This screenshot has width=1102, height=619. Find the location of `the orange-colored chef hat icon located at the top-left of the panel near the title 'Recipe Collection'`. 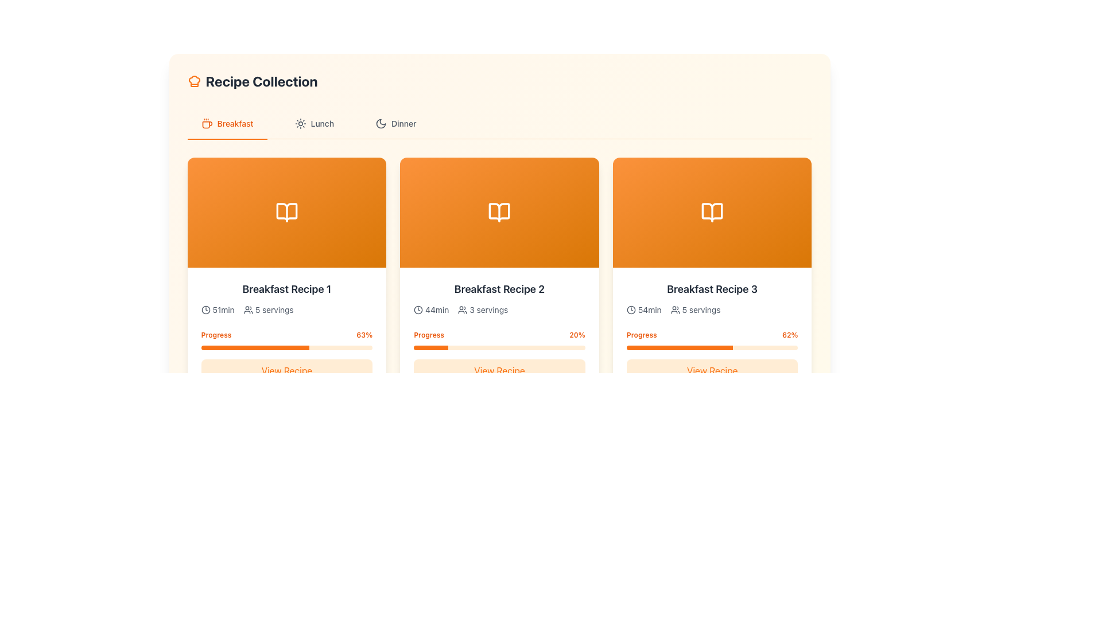

the orange-colored chef hat icon located at the top-left of the panel near the title 'Recipe Collection' is located at coordinates (194, 81).